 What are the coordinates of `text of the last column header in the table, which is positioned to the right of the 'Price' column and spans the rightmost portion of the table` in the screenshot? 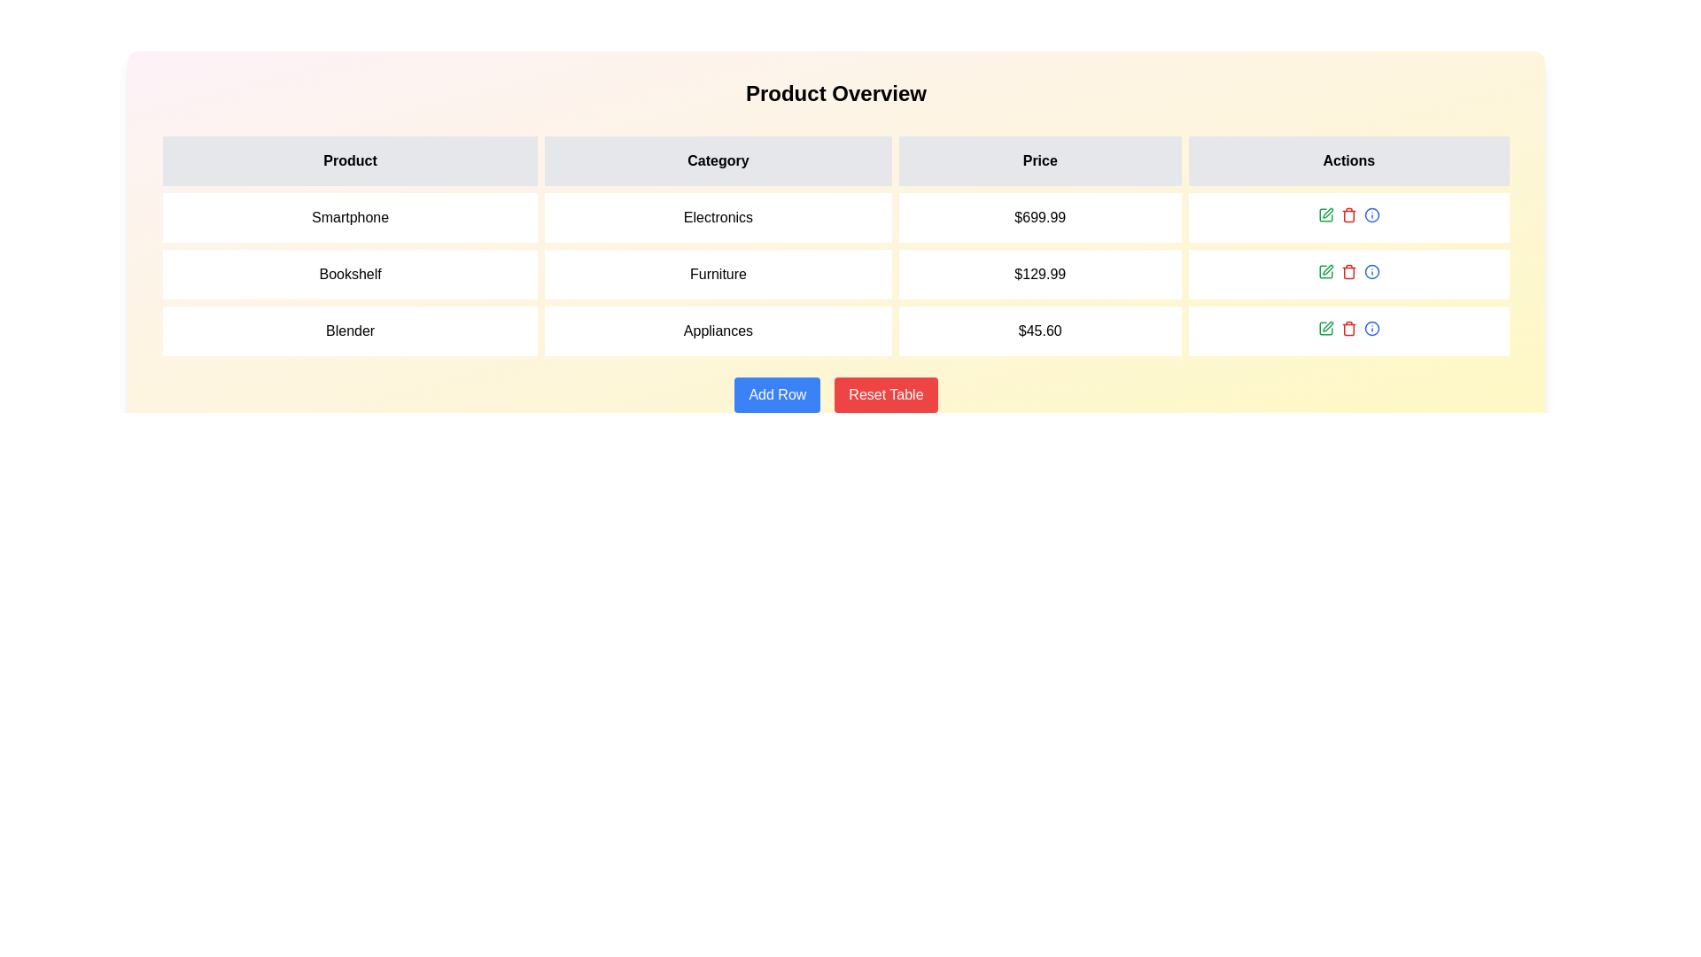 It's located at (1348, 160).